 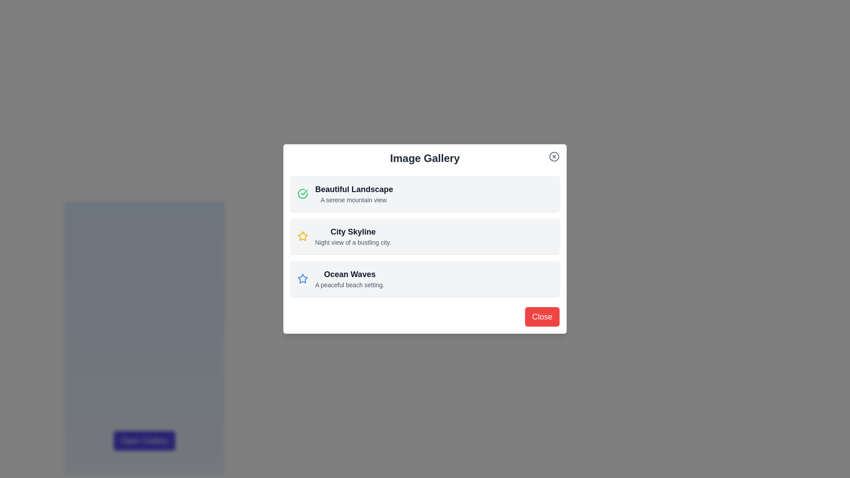 I want to click on the descriptive text element located directly below the title 'Beautiful Landscape' in the first entry of the vertical list of items within the dialog box, so click(x=354, y=200).